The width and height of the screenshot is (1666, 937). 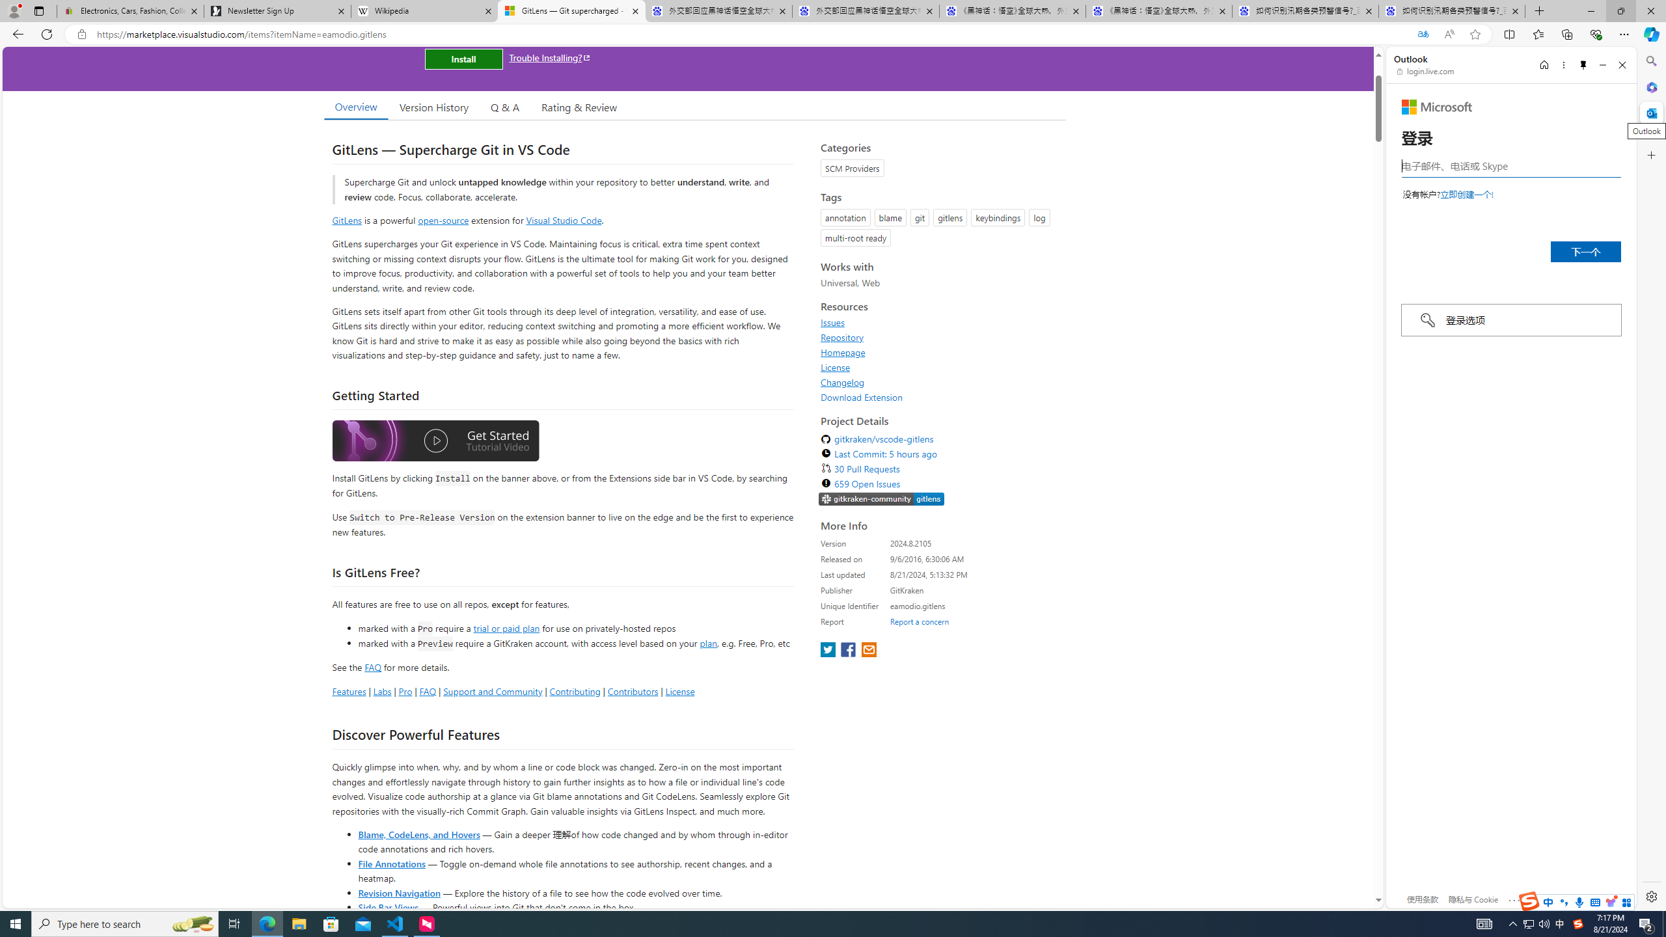 I want to click on 'Labs', so click(x=382, y=690).